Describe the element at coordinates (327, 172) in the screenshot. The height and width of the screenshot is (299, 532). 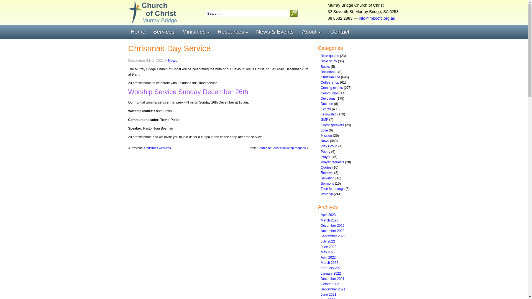
I see `'Reviews'` at that location.